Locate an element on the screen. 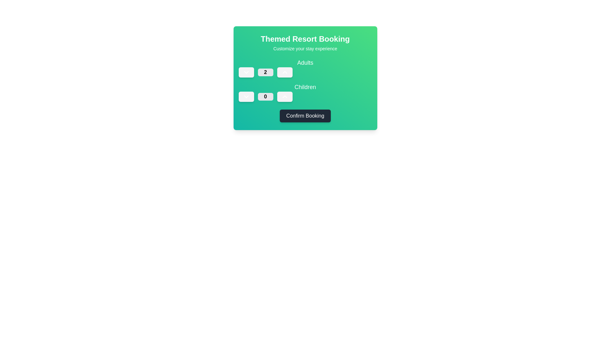  the static text label providing additional context below the heading 'Themed Resort Booking' is located at coordinates (305, 48).